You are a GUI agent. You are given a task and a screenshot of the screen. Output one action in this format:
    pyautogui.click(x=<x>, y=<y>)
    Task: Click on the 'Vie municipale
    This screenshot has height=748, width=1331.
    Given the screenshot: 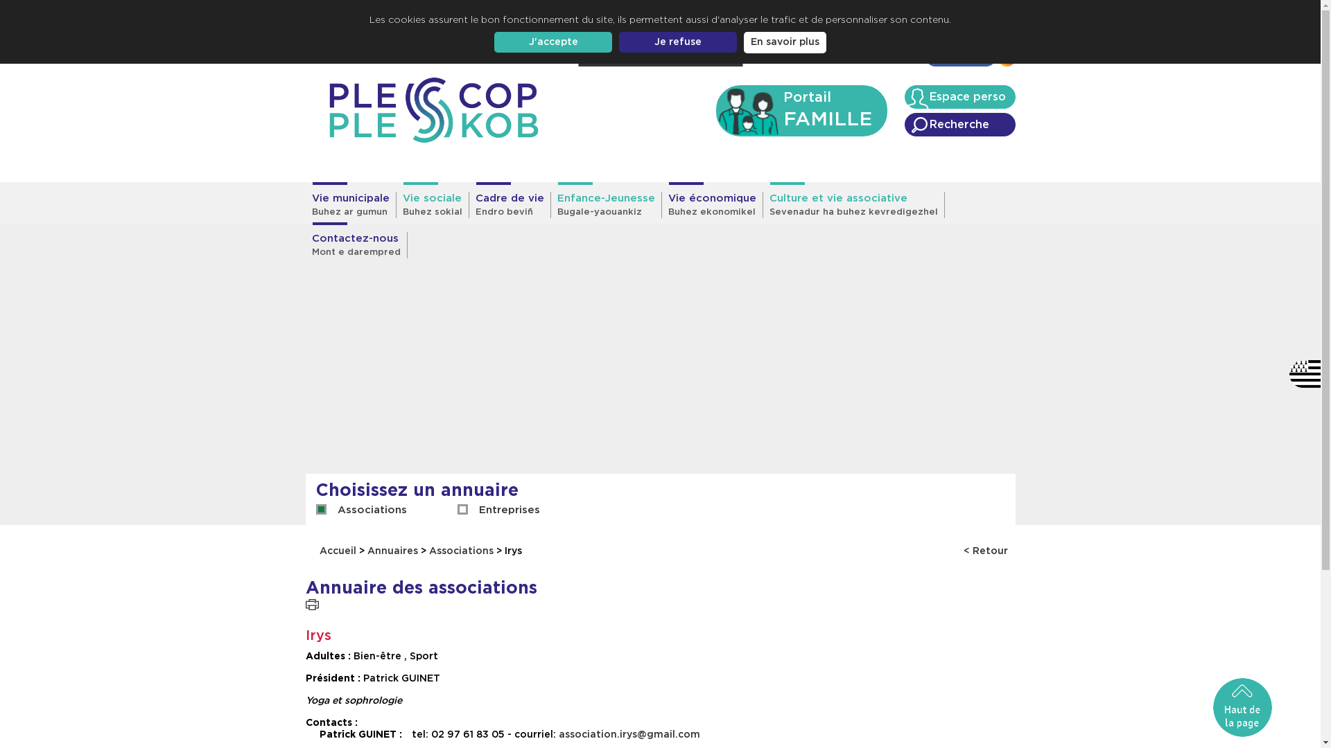 What is the action you would take?
    pyautogui.click(x=304, y=205)
    